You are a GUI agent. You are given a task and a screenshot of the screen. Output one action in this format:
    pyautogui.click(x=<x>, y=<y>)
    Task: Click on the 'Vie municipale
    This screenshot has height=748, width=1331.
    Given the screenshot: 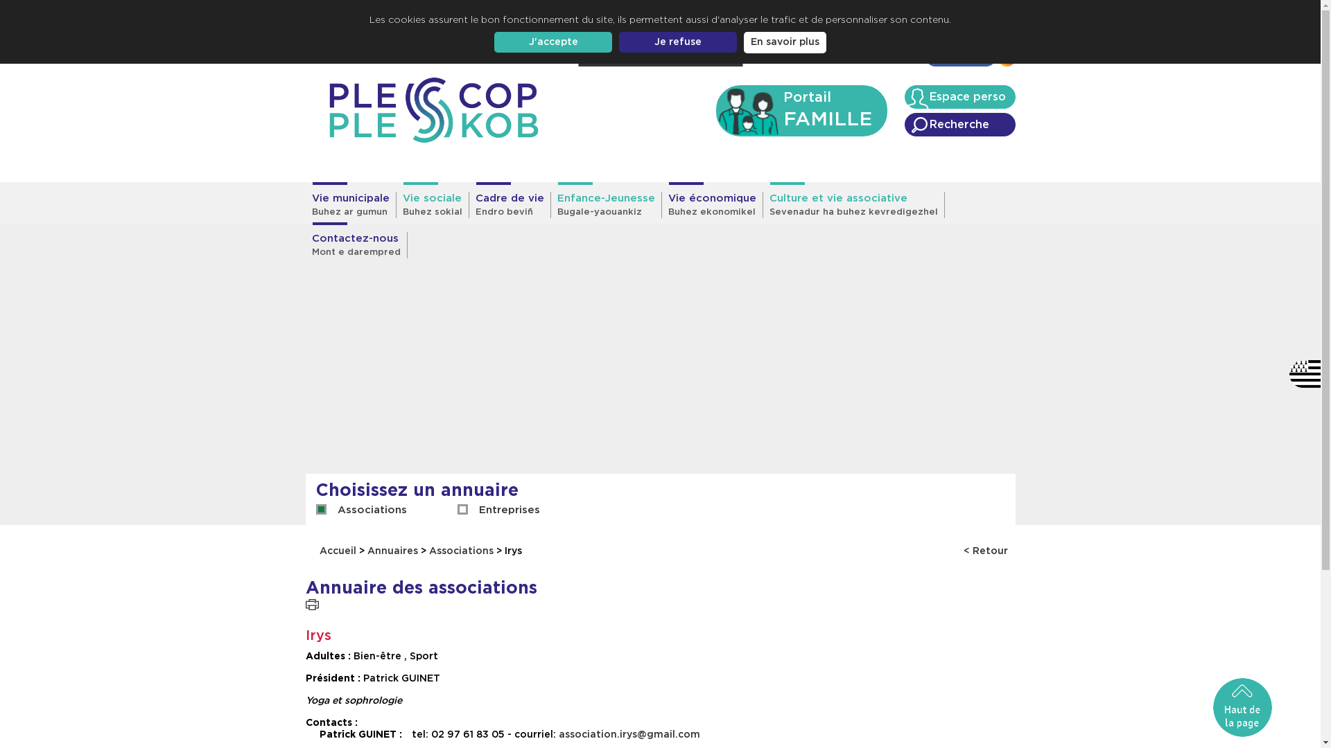 What is the action you would take?
    pyautogui.click(x=304, y=205)
    